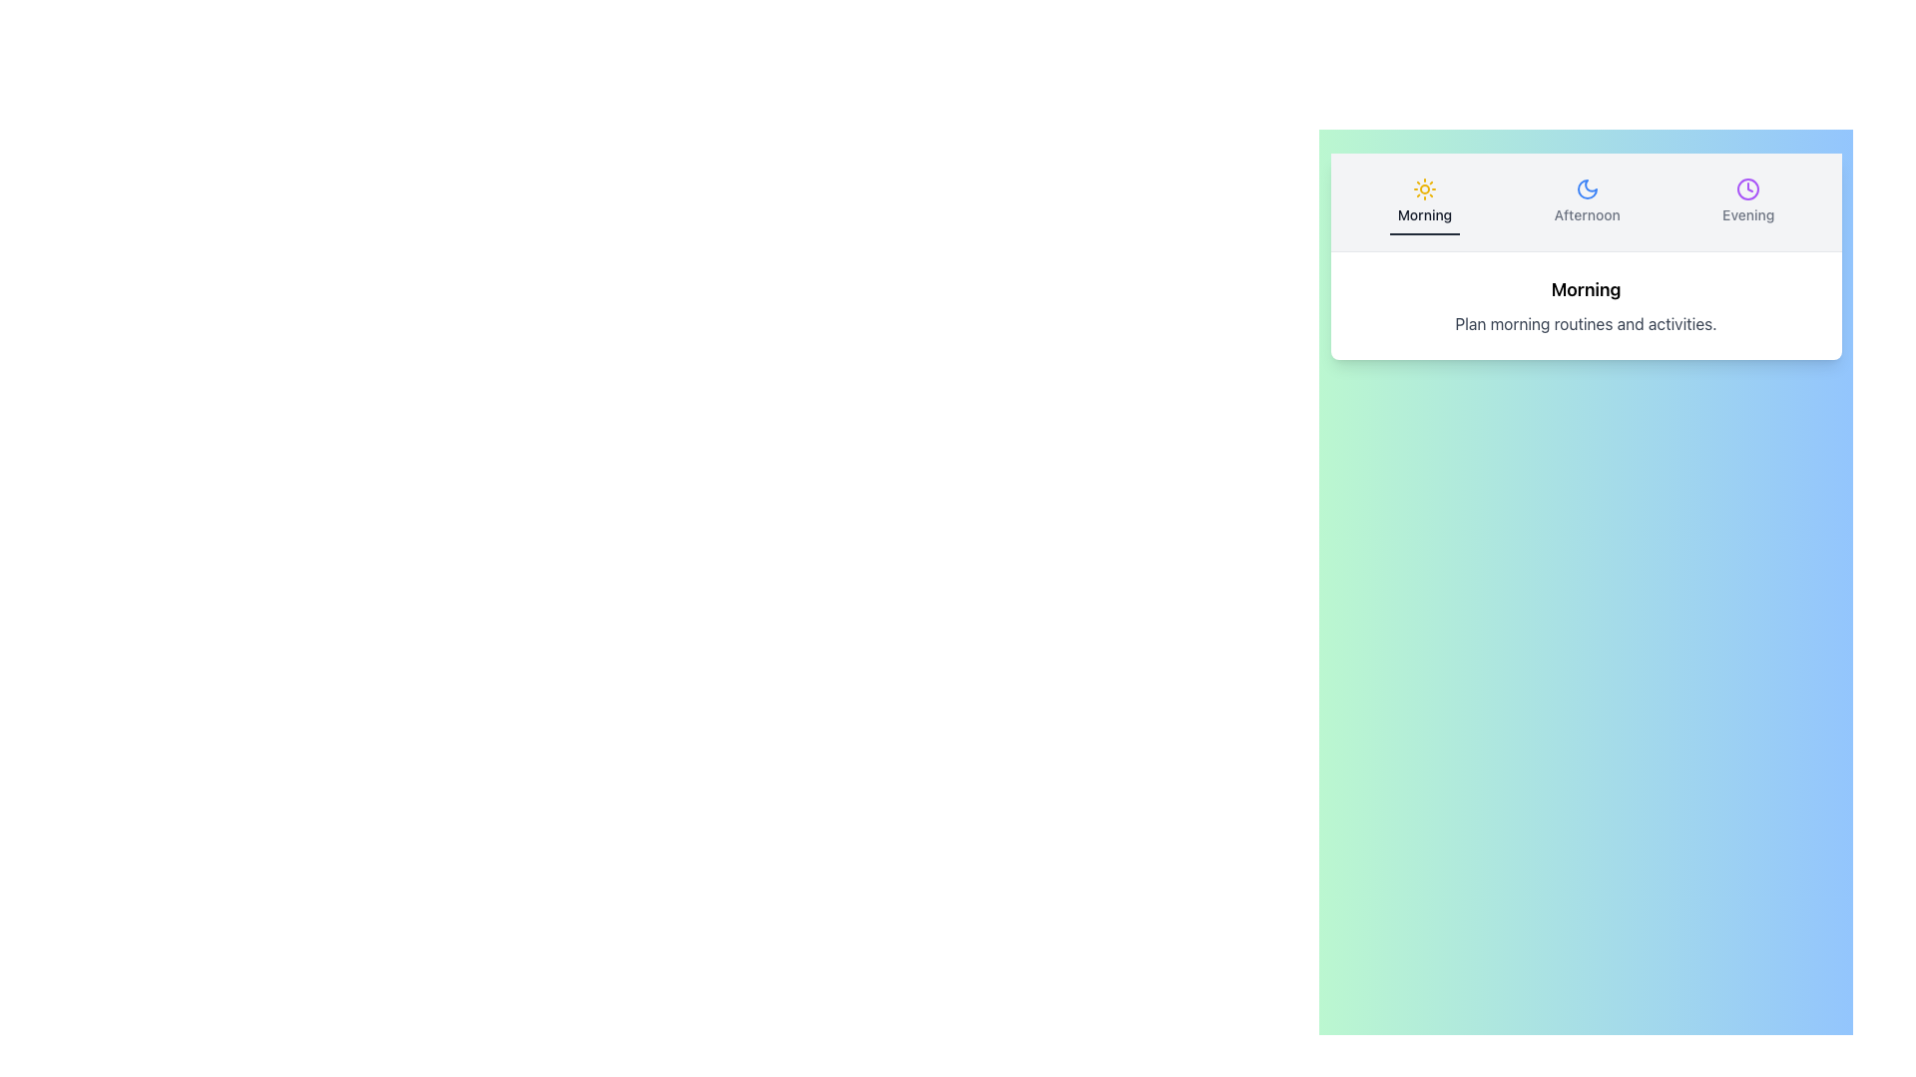 Image resolution: width=1916 pixels, height=1077 pixels. What do you see at coordinates (1585, 202) in the screenshot?
I see `the navigation tab button` at bounding box center [1585, 202].